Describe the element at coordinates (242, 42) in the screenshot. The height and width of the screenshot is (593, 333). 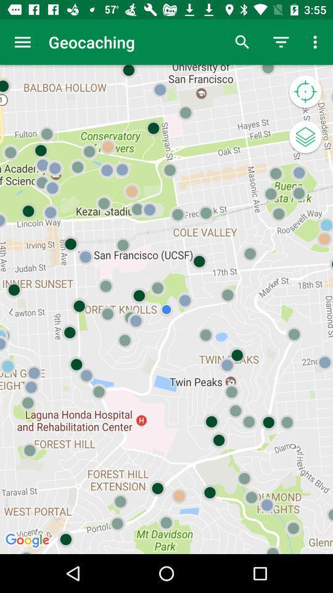
I see `item next to the geocaching icon` at that location.